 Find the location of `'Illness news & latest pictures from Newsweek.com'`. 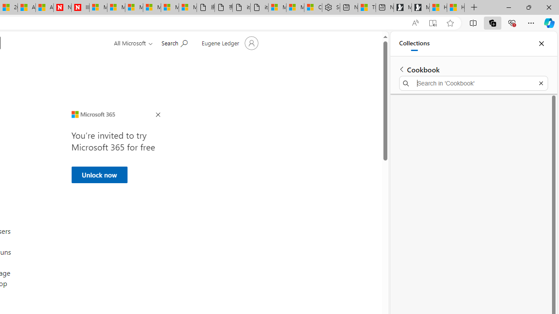

'Illness news & latest pictures from Newsweek.com' is located at coordinates (80, 7).